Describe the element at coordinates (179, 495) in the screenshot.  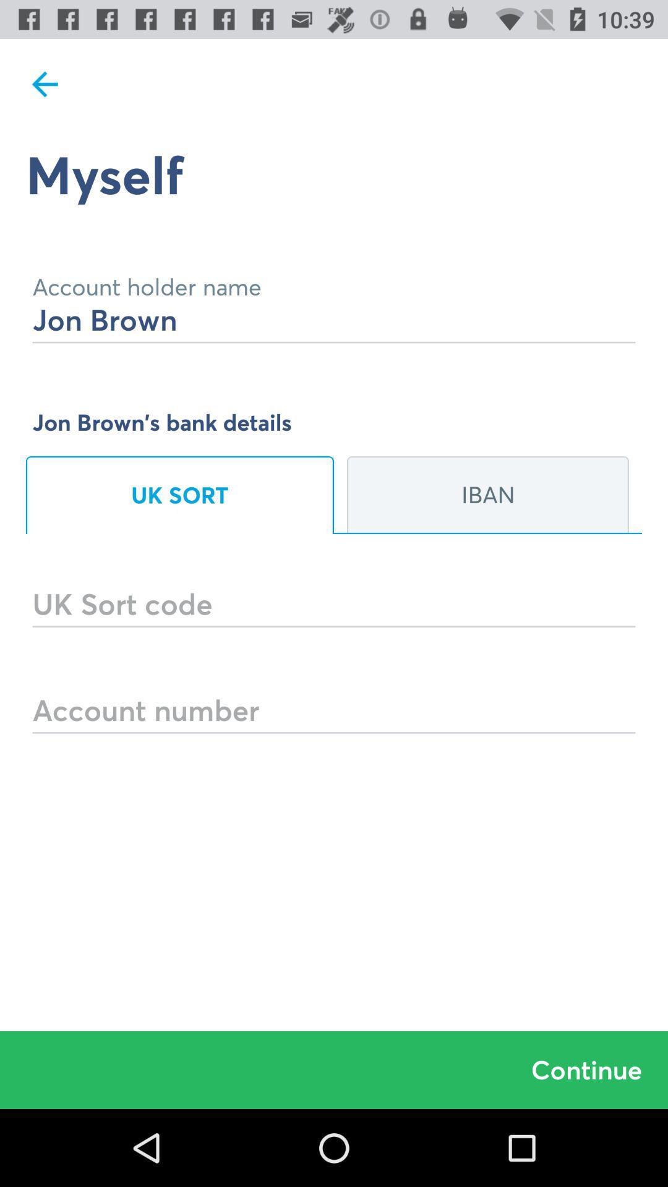
I see `the icon below jon brown s icon` at that location.